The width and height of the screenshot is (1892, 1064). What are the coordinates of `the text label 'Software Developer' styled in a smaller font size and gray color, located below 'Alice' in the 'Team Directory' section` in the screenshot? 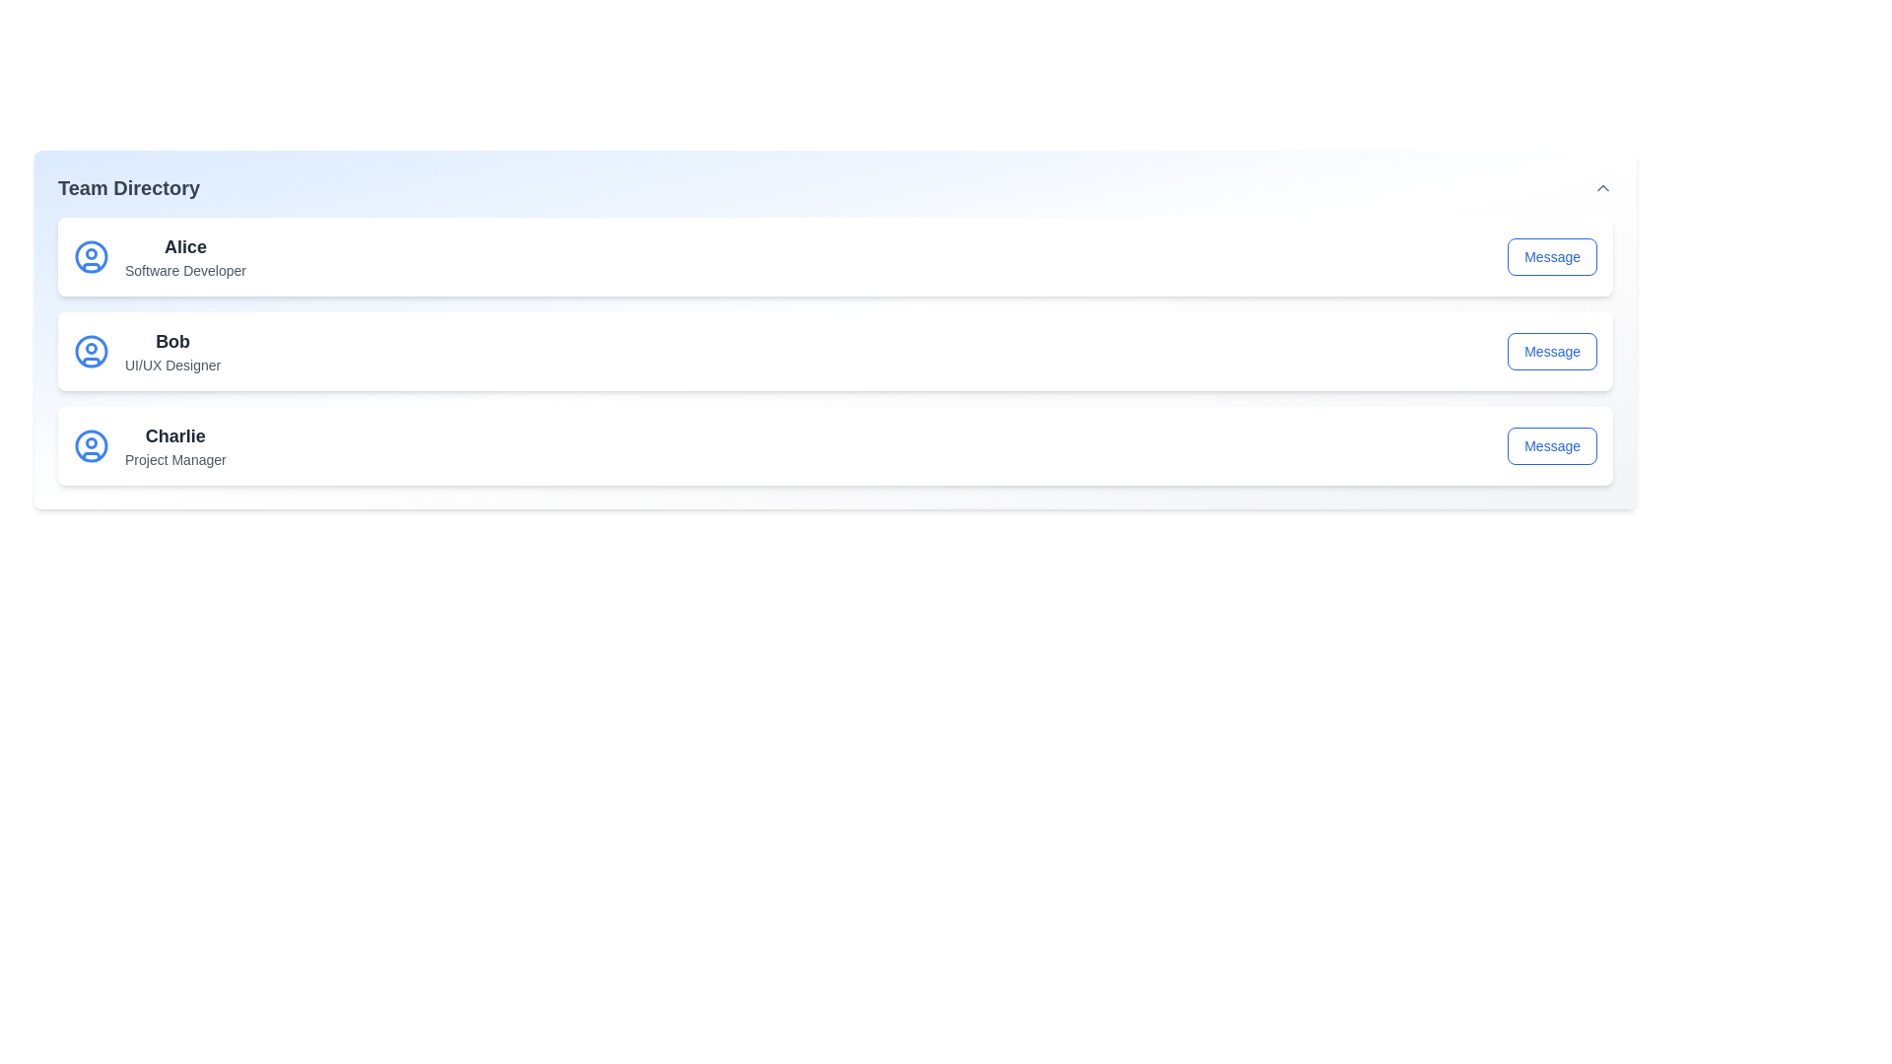 It's located at (185, 270).